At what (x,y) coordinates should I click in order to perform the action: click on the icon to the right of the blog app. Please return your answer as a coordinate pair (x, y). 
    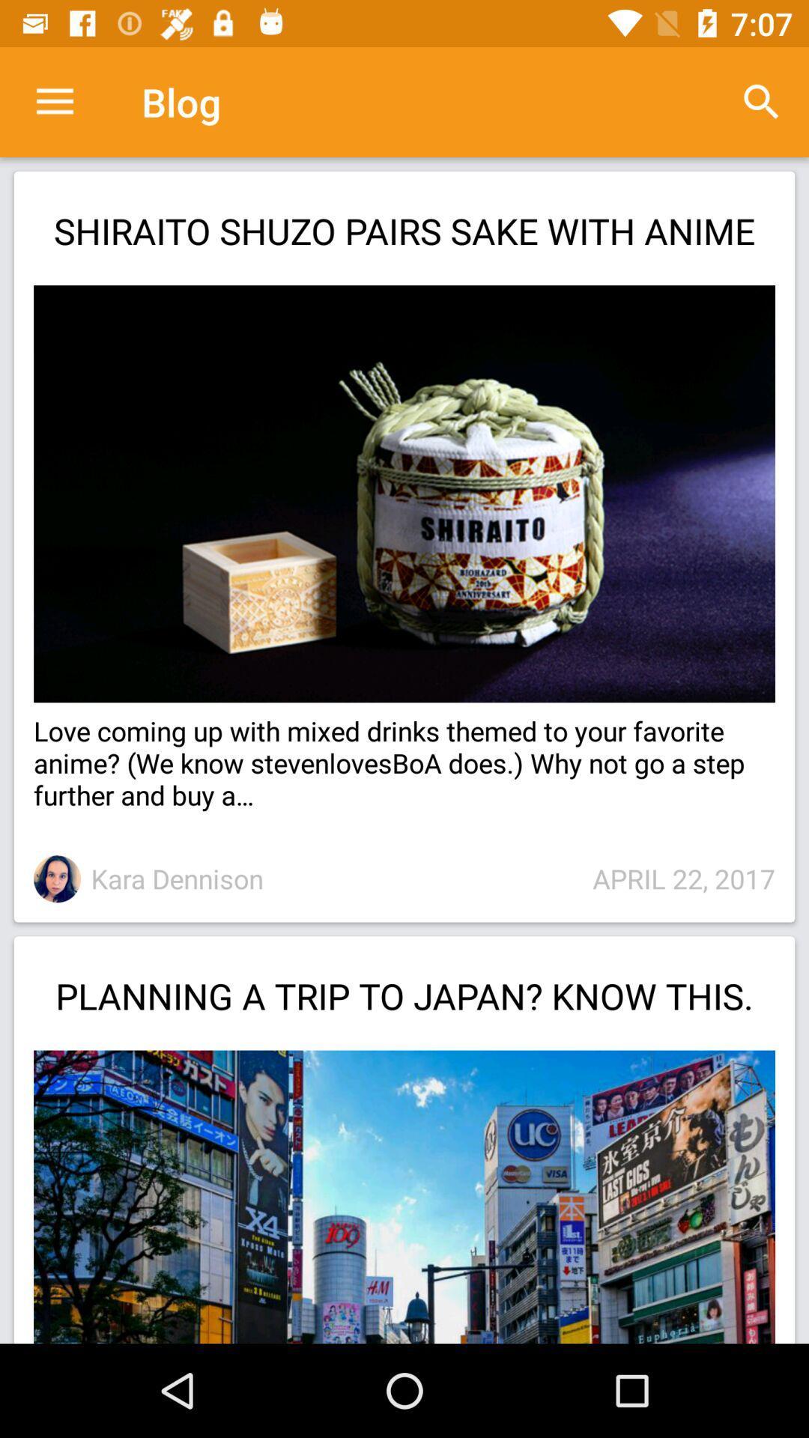
    Looking at the image, I should click on (762, 101).